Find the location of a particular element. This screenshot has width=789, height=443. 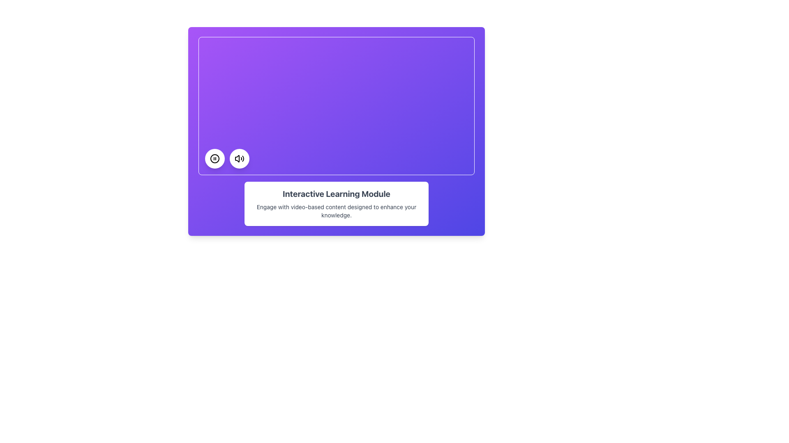

the leftmost circular button at the bottom-midsection of the purple rectangular content area to observe interactive feedback is located at coordinates (215, 158).